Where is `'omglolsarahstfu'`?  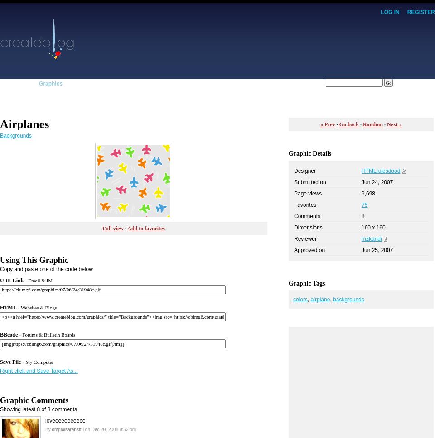
'omglolsarahstfu' is located at coordinates (67, 429).